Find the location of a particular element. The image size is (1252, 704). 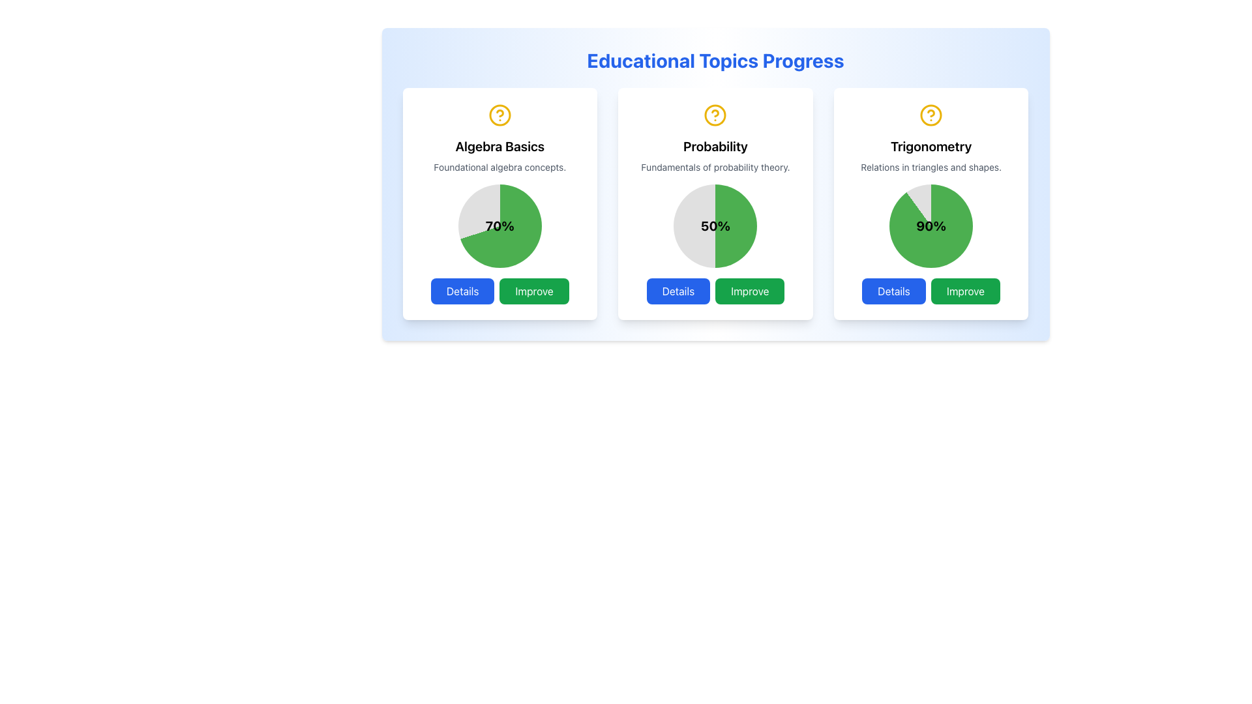

the percentage displayed on the Circular Progress Indicator located within the 'Probability' card, positioned beneath the title text and above the action buttons is located at coordinates (715, 226).